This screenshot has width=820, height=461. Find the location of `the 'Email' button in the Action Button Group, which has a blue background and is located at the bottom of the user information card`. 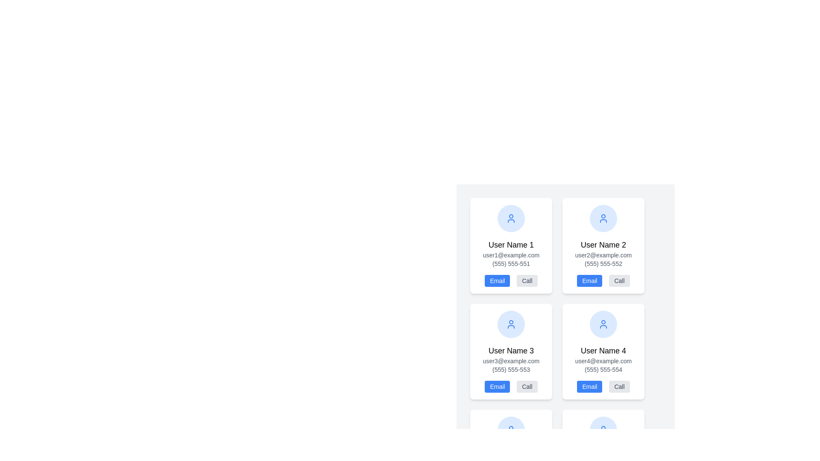

the 'Email' button in the Action Button Group, which has a blue background and is located at the bottom of the user information card is located at coordinates (511, 281).